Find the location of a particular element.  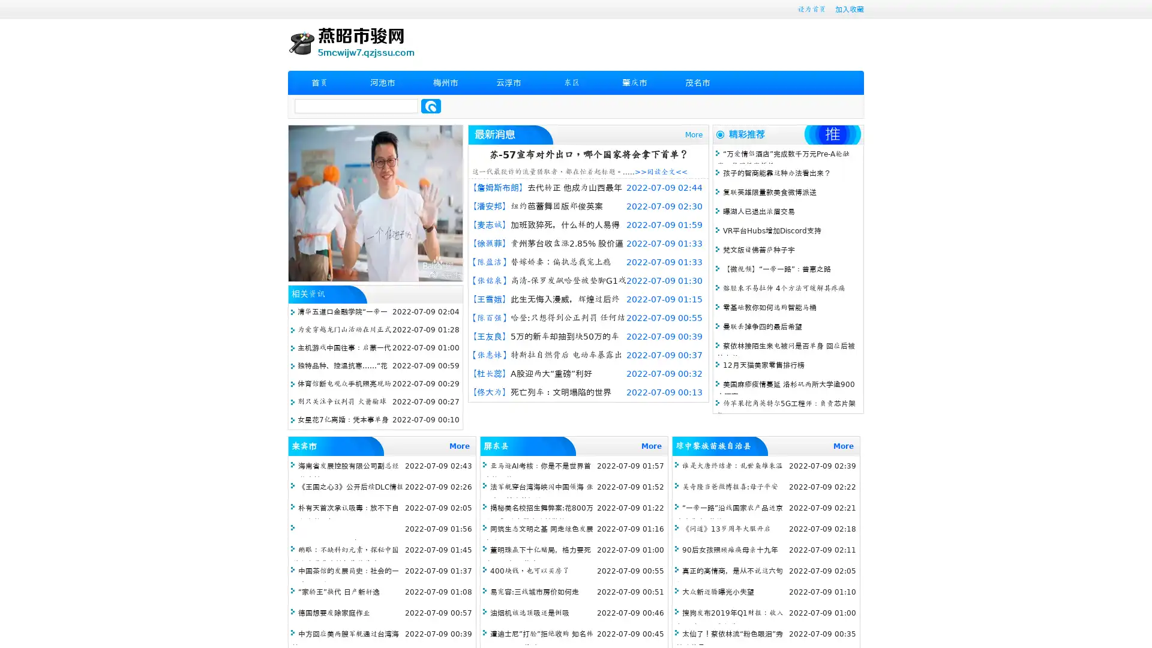

Search is located at coordinates (431, 106).